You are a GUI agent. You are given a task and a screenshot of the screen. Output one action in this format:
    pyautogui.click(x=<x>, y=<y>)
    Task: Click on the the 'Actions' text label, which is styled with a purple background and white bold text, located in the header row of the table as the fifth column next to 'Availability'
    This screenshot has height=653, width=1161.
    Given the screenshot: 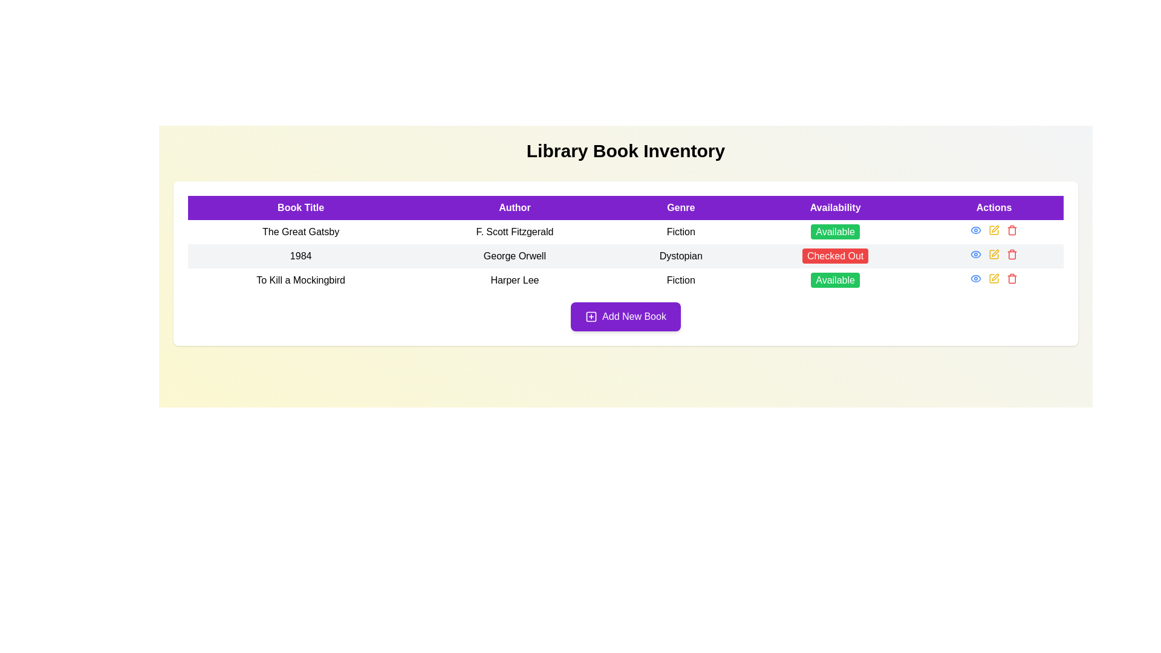 What is the action you would take?
    pyautogui.click(x=994, y=207)
    